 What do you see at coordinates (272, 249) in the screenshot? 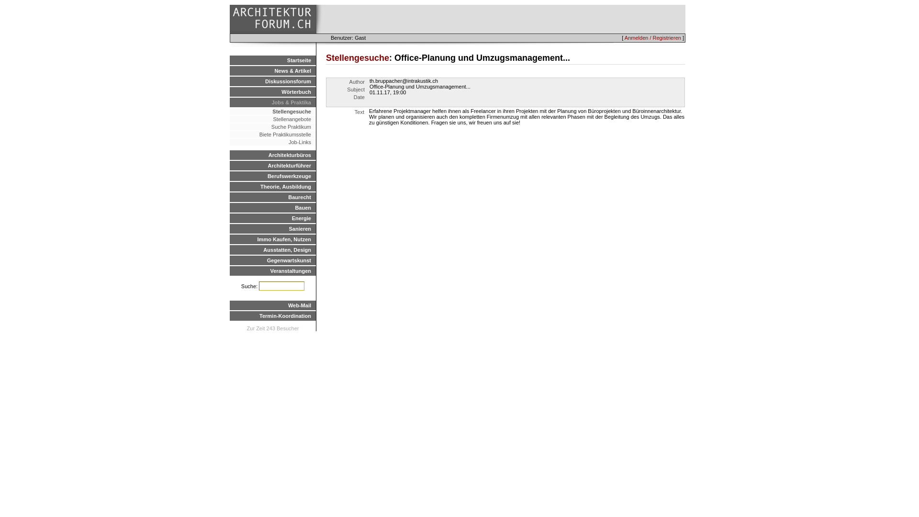
I see `'Ausstatten, Design'` at bounding box center [272, 249].